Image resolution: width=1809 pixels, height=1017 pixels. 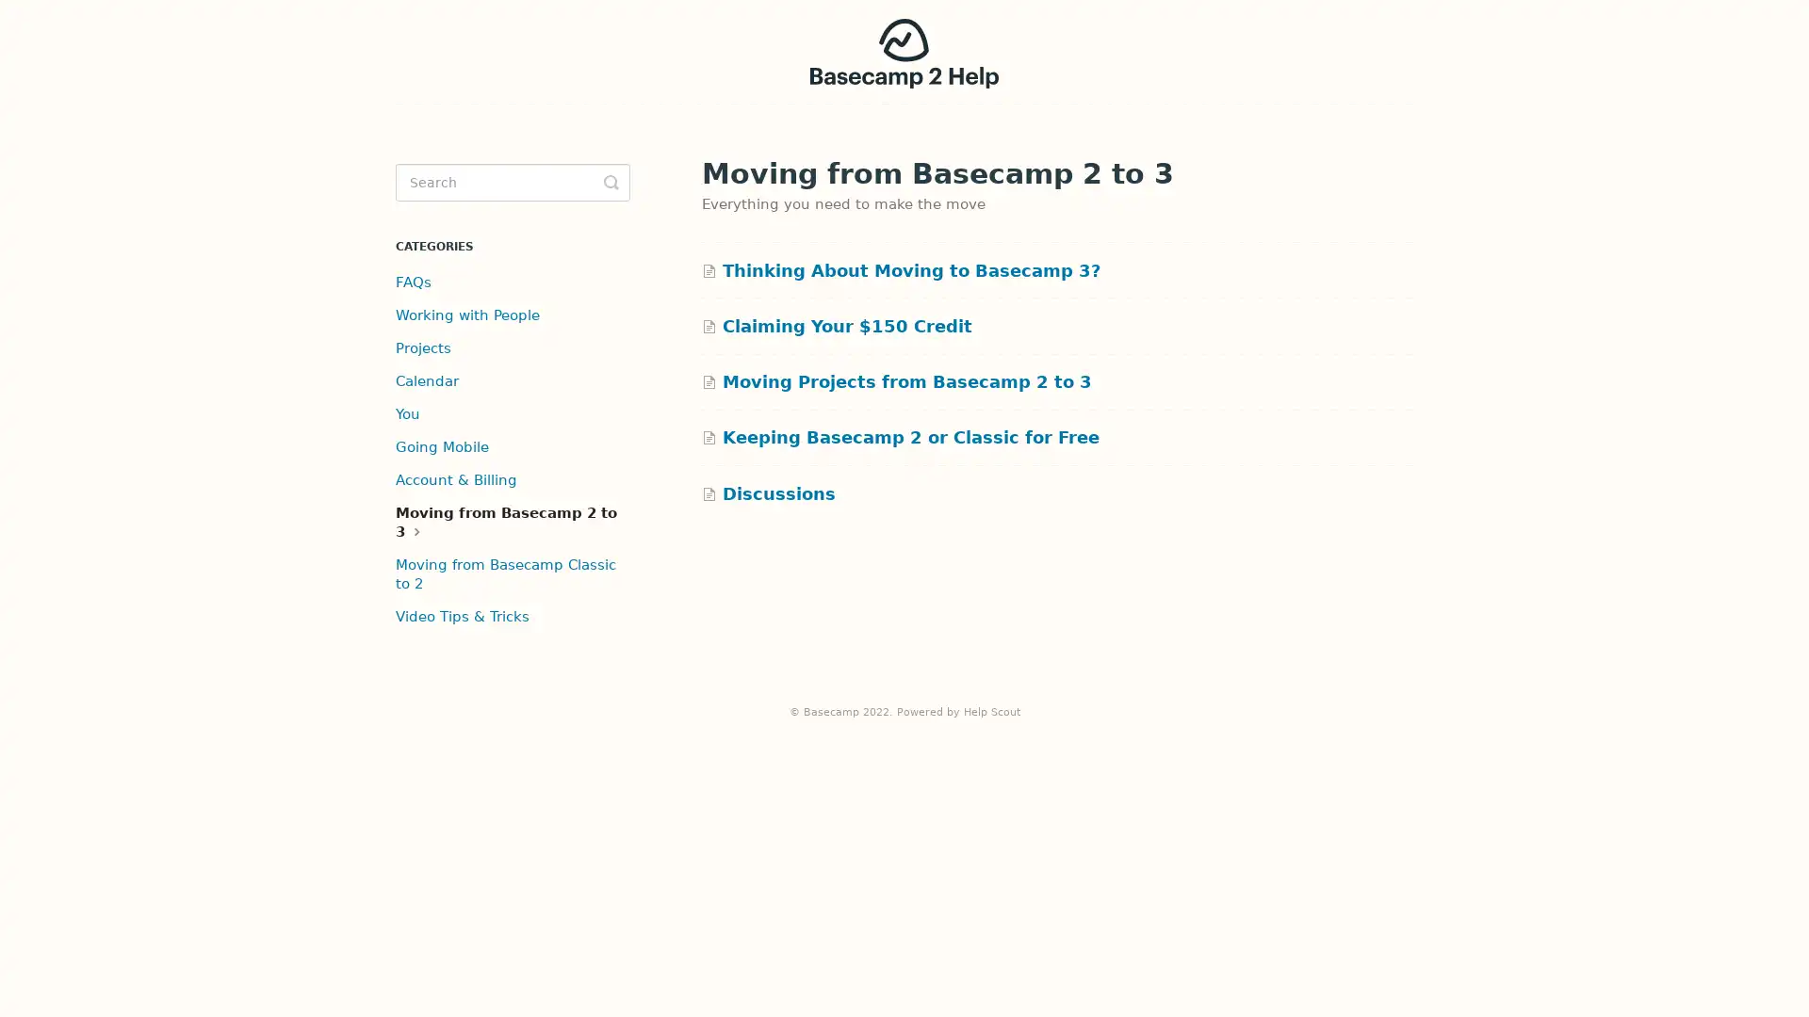 I want to click on Toggle Search, so click(x=611, y=182).